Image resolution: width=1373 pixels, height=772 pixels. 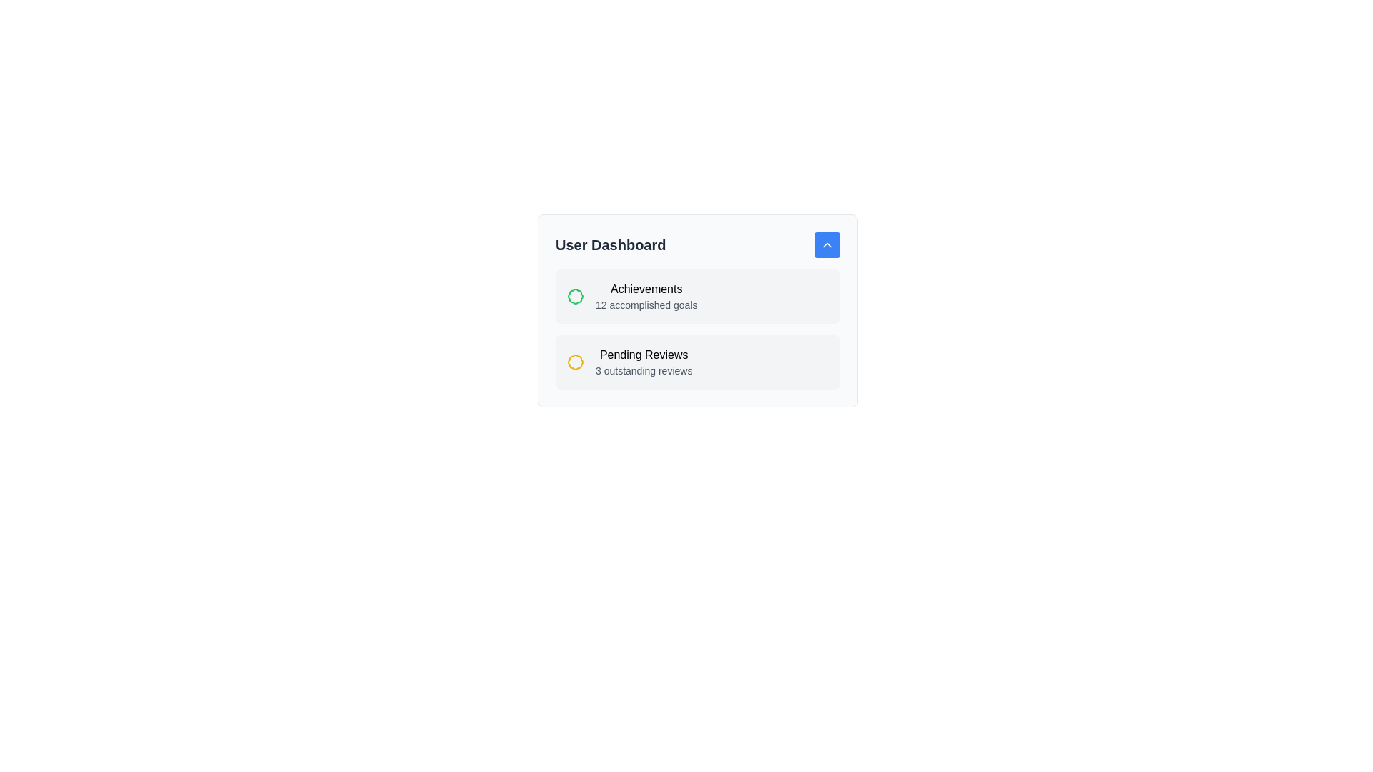 I want to click on summary information from the Text Label that indicates there are '3 outstanding reviews' below the 'Achievements' item in the user dashboard interface, so click(x=643, y=361).